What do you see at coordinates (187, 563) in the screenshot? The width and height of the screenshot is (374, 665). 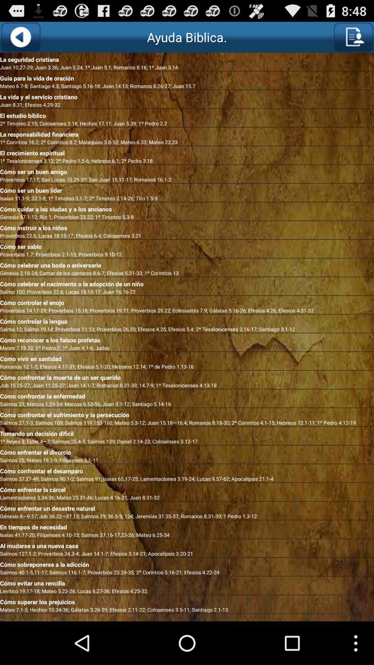 I see `app below the salmos 127 1 item` at bounding box center [187, 563].